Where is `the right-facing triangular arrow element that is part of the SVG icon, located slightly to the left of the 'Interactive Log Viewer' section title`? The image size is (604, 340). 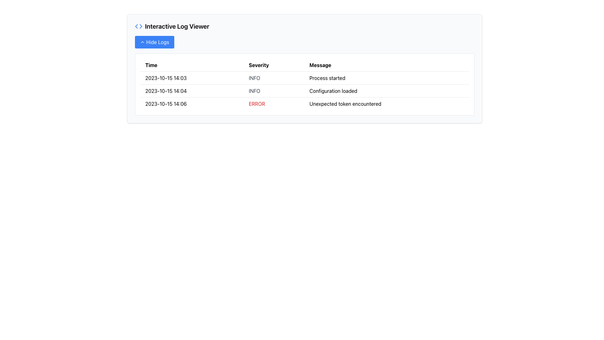 the right-facing triangular arrow element that is part of the SVG icon, located slightly to the left of the 'Interactive Log Viewer' section title is located at coordinates (140, 26).